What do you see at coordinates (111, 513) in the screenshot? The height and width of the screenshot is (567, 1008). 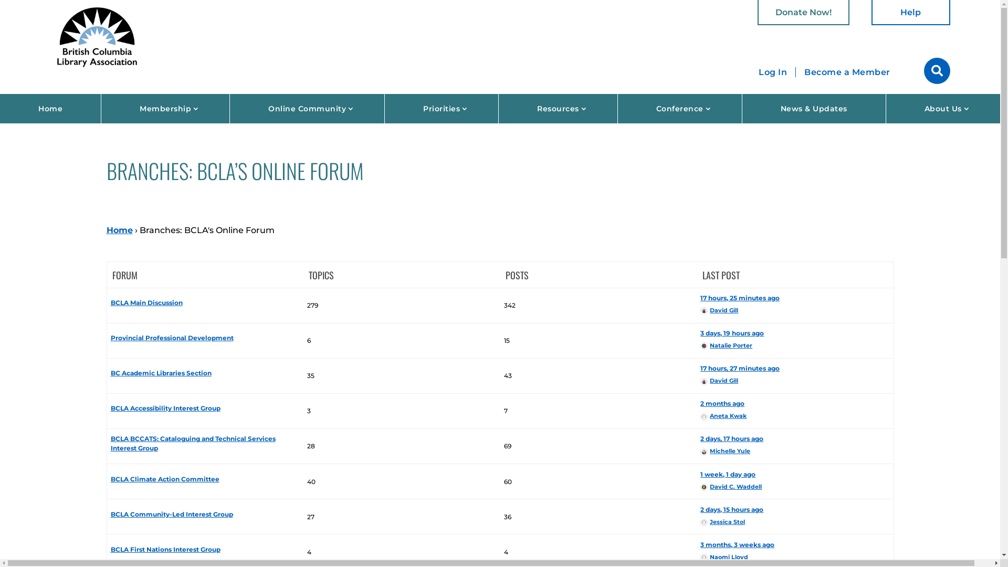 I see `'BCLA Community-Led Interest Group'` at bounding box center [111, 513].